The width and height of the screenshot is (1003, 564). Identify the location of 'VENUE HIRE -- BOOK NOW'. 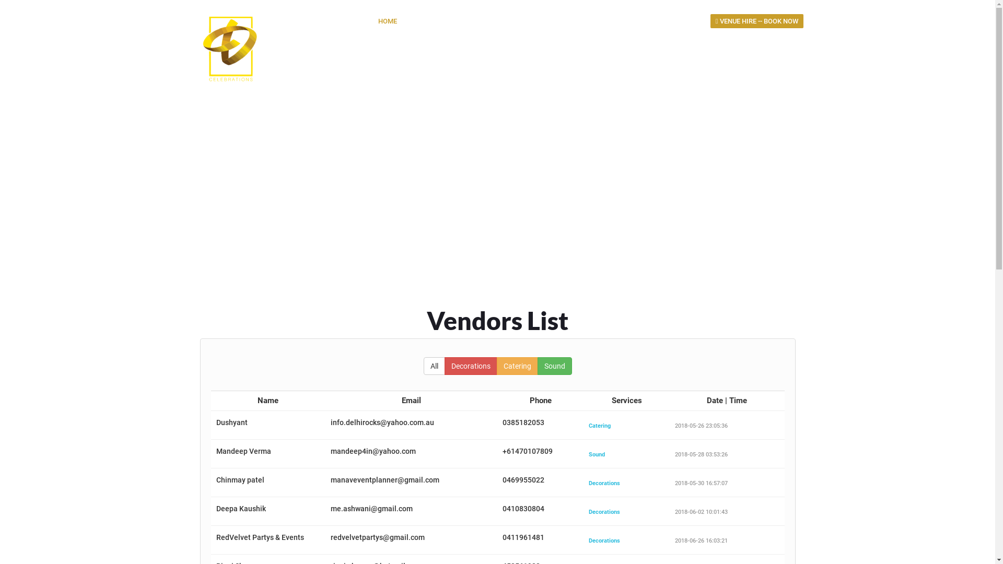
(757, 21).